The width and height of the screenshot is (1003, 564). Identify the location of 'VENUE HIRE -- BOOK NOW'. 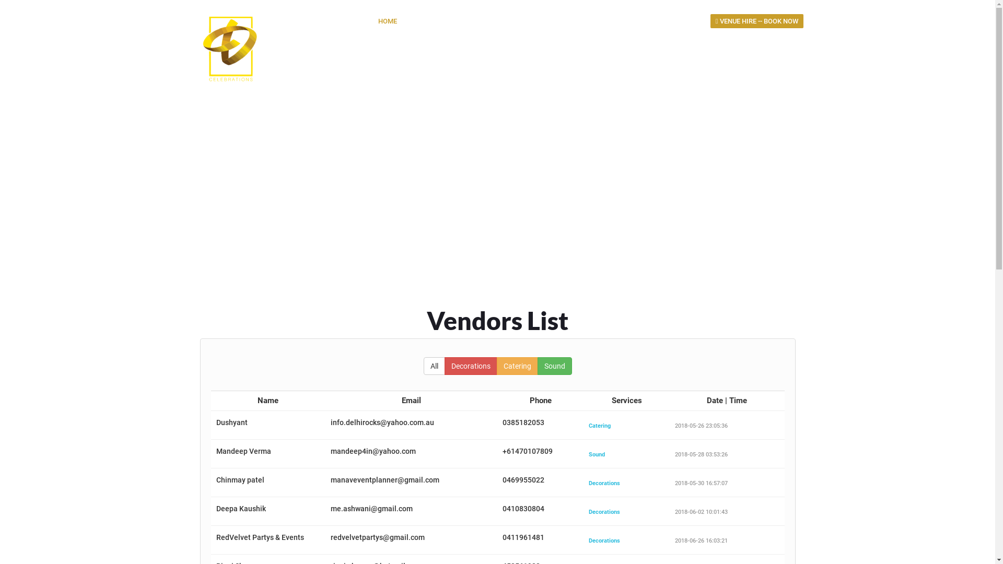
(757, 21).